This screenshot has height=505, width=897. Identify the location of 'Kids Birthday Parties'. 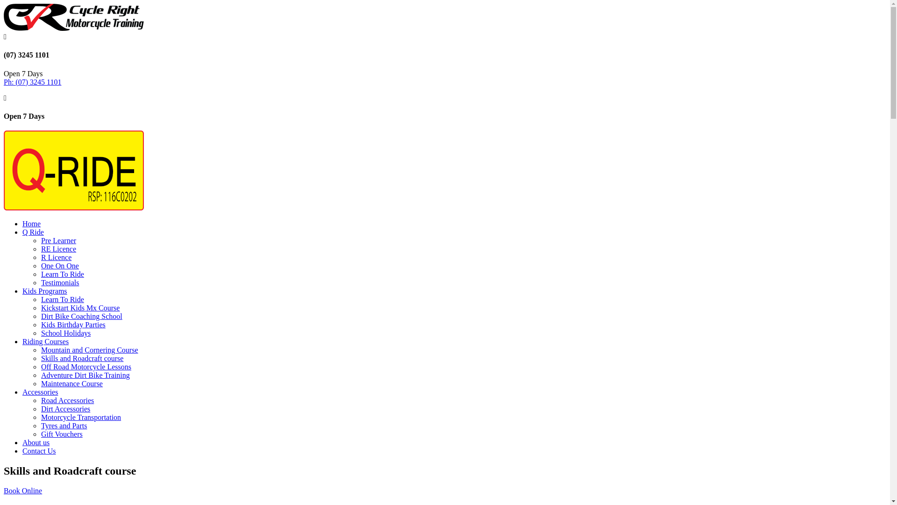
(40, 324).